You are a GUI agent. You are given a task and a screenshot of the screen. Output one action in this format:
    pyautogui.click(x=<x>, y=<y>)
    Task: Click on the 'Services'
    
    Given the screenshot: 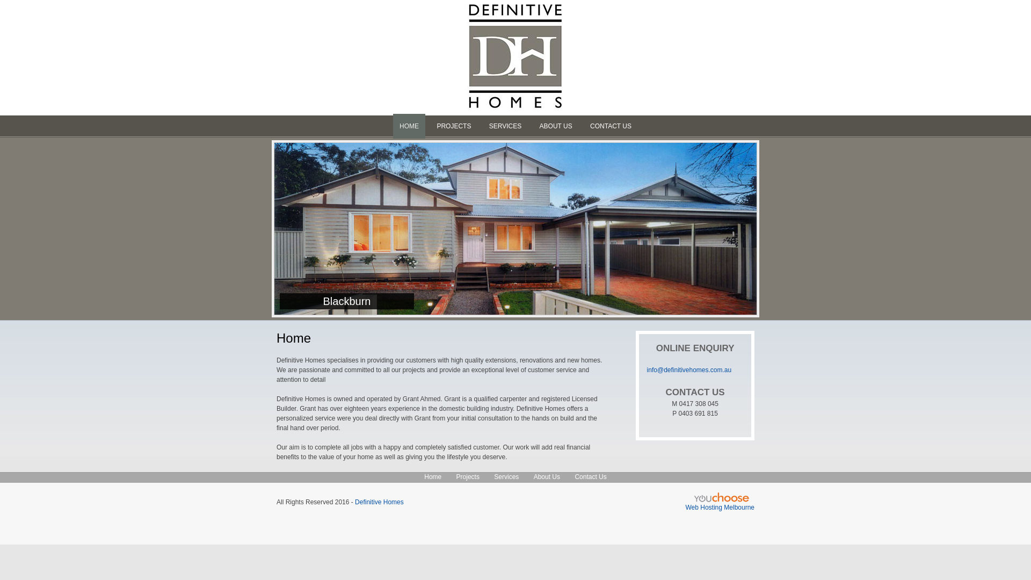 What is the action you would take?
    pyautogui.click(x=493, y=476)
    